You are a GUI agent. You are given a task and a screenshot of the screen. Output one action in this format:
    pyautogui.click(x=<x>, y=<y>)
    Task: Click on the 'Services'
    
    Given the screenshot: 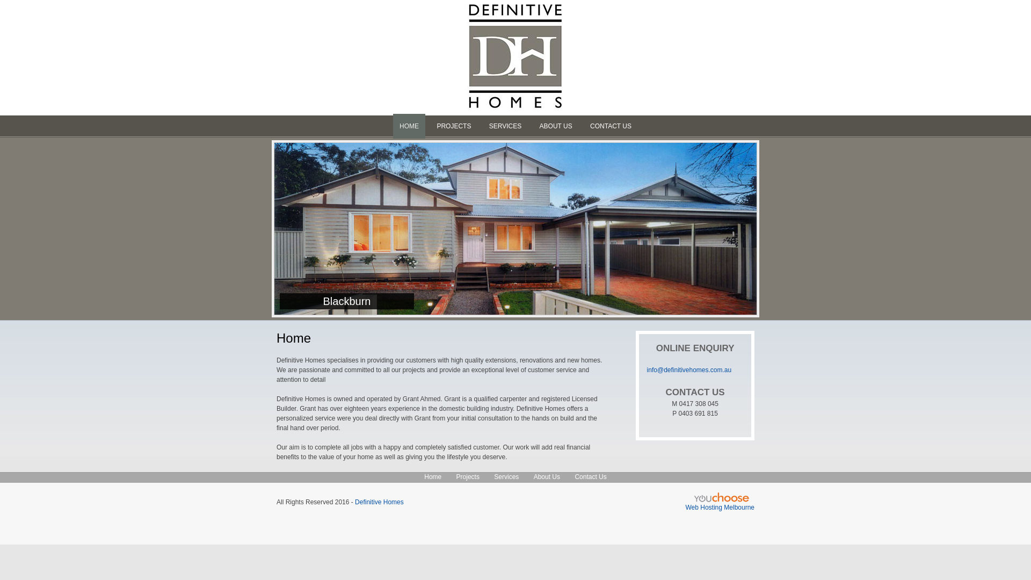 What is the action you would take?
    pyautogui.click(x=493, y=476)
    